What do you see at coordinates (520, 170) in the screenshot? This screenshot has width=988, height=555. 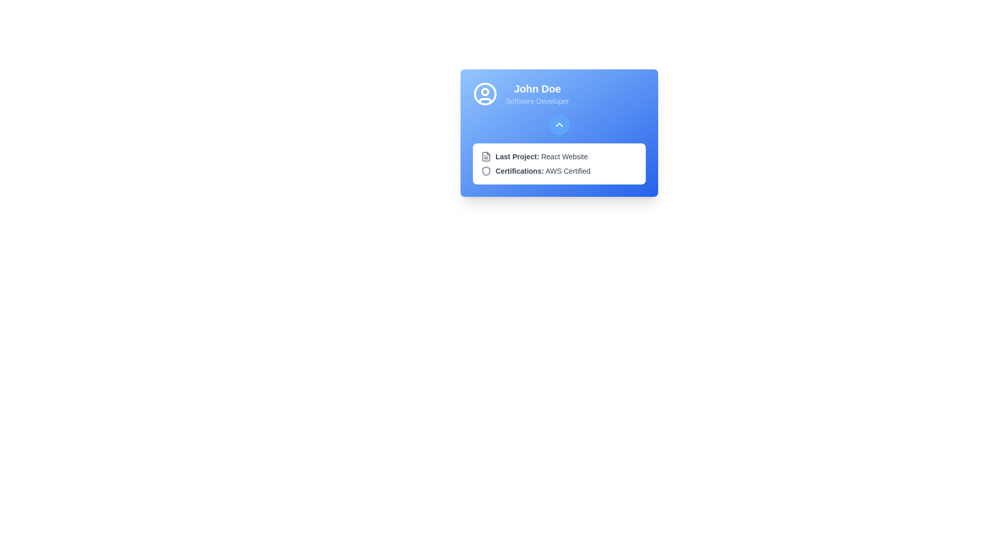 I see `the certifications section text label` at bounding box center [520, 170].